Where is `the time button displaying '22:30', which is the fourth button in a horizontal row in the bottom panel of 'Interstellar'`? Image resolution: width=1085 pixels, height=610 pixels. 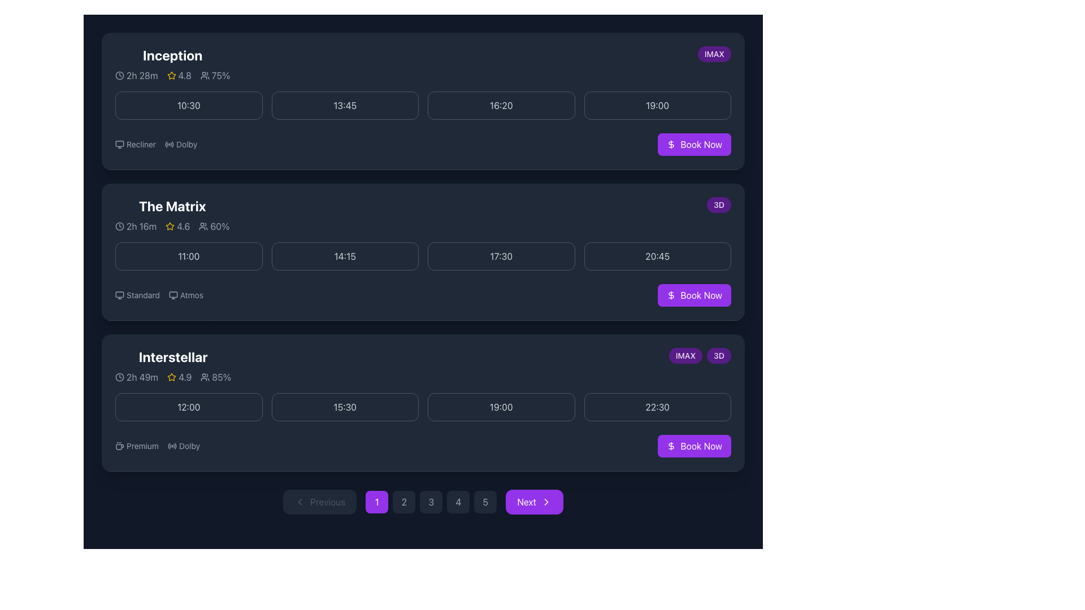
the time button displaying '22:30', which is the fourth button in a horizontal row in the bottom panel of 'Interstellar' is located at coordinates (657, 407).